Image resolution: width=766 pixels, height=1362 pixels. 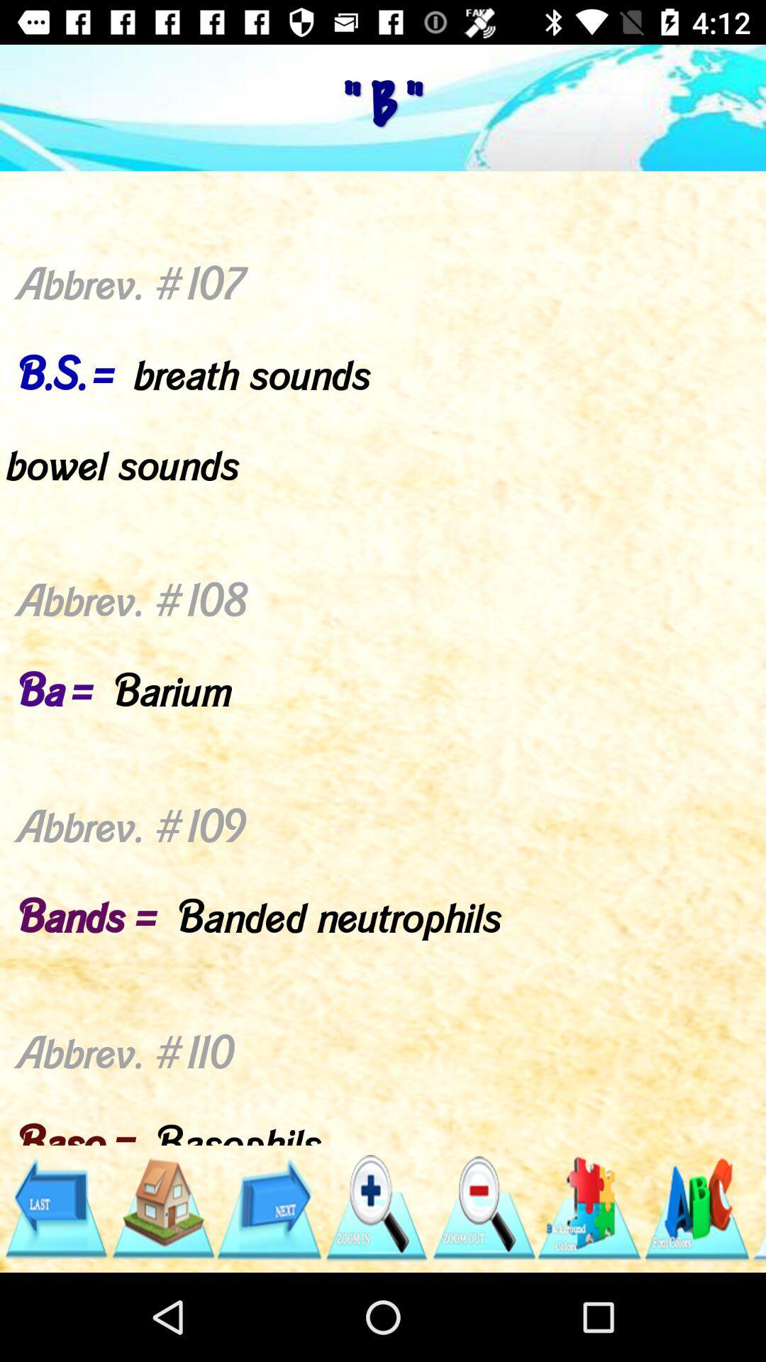 What do you see at coordinates (269, 1207) in the screenshot?
I see `next` at bounding box center [269, 1207].